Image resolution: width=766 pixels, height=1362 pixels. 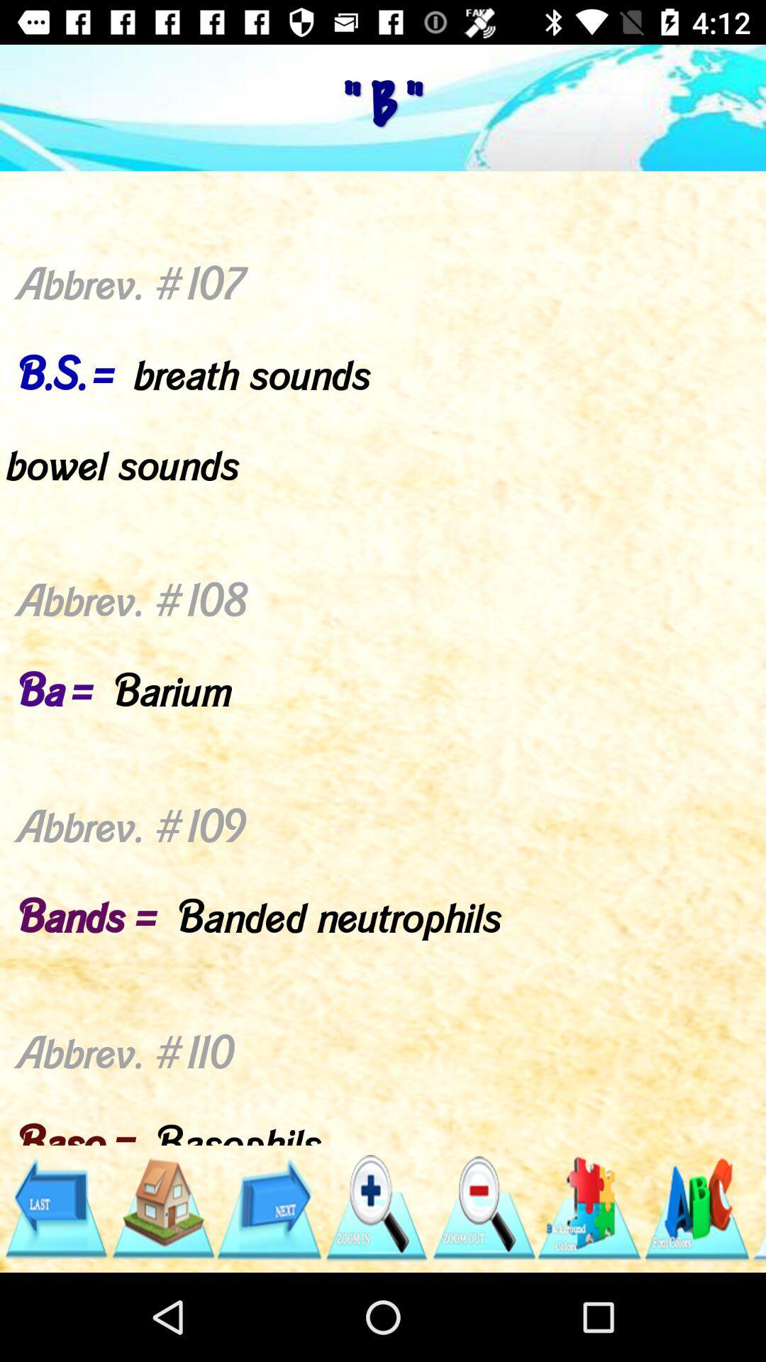 What do you see at coordinates (269, 1207) in the screenshot?
I see `next` at bounding box center [269, 1207].